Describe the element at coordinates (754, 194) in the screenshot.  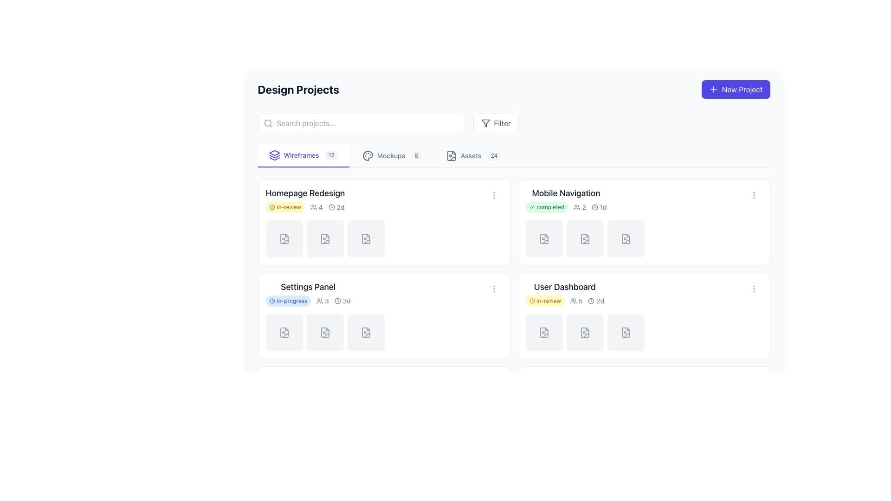
I see `the ellipsis vertical menu button located in the top-right corner of the 'Mobile Navigation' card in the 'Design Projects' grid` at that location.